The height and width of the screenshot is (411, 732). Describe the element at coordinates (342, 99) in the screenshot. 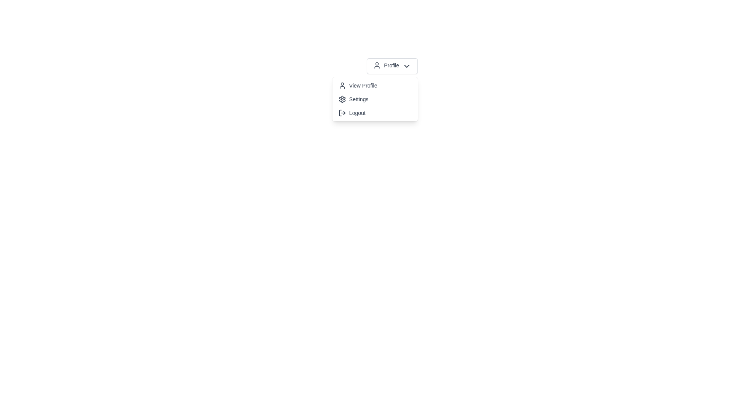

I see `the gear-shaped icon representing the settings symbol located within the 'Settings' menu item` at that location.